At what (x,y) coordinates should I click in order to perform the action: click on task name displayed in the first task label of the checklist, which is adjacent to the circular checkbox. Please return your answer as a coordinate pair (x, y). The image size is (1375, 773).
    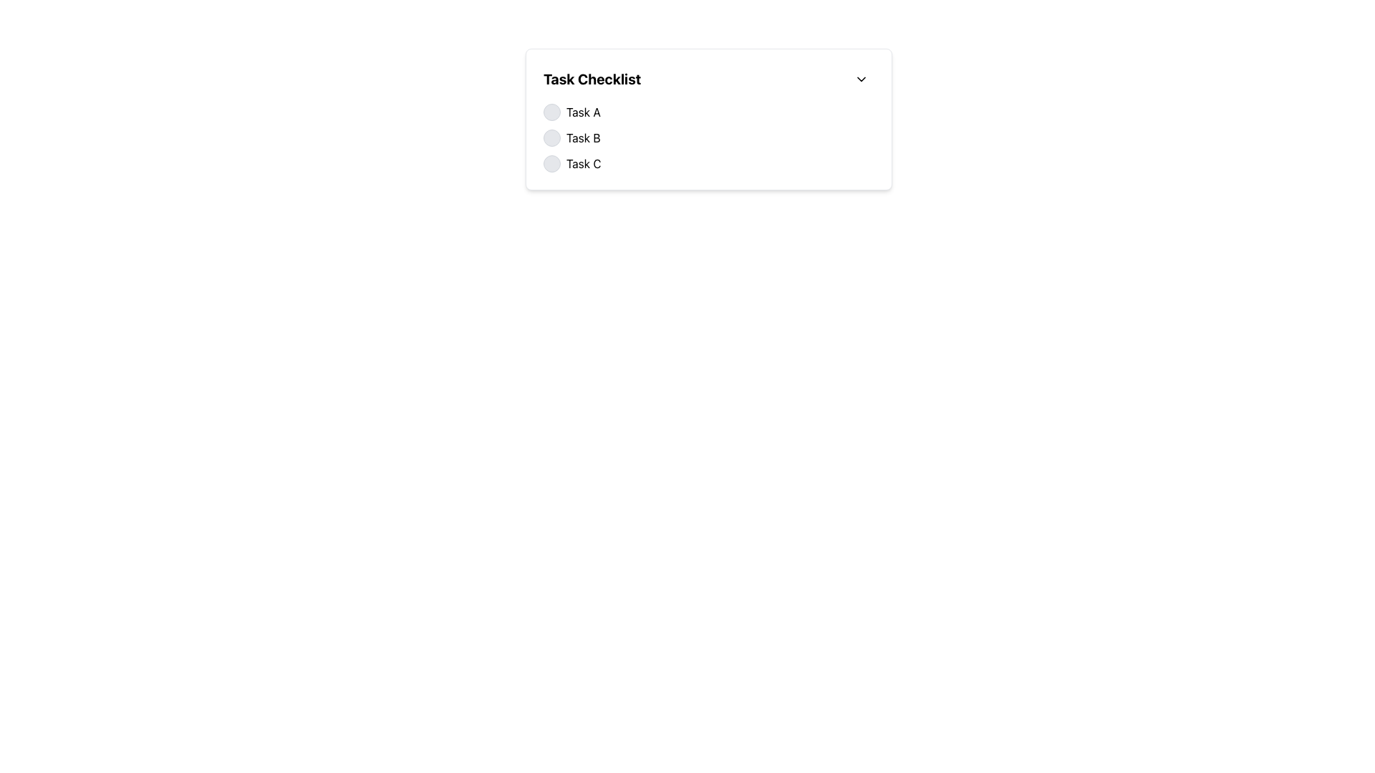
    Looking at the image, I should click on (583, 112).